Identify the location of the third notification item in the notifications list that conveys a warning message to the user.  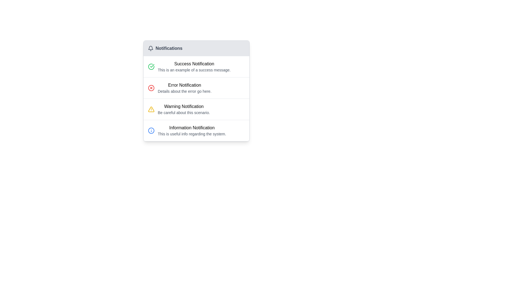
(184, 109).